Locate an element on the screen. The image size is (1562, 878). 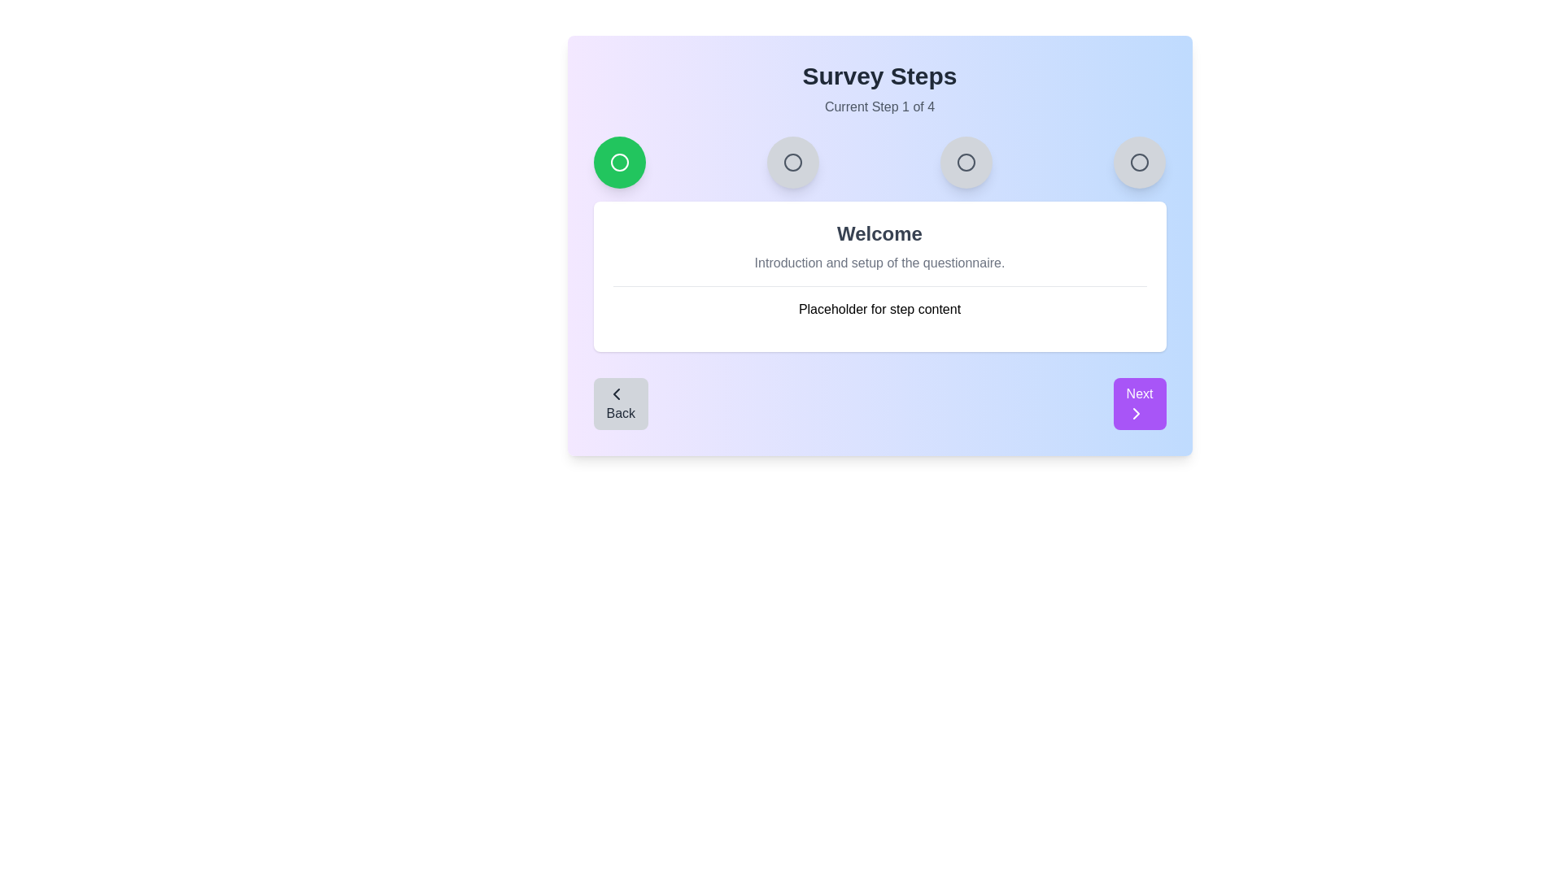
the green circular button that contains the SVG icon indicating the current step in the survey process, located on the left side of the horizontal step indicator is located at coordinates (618, 163).